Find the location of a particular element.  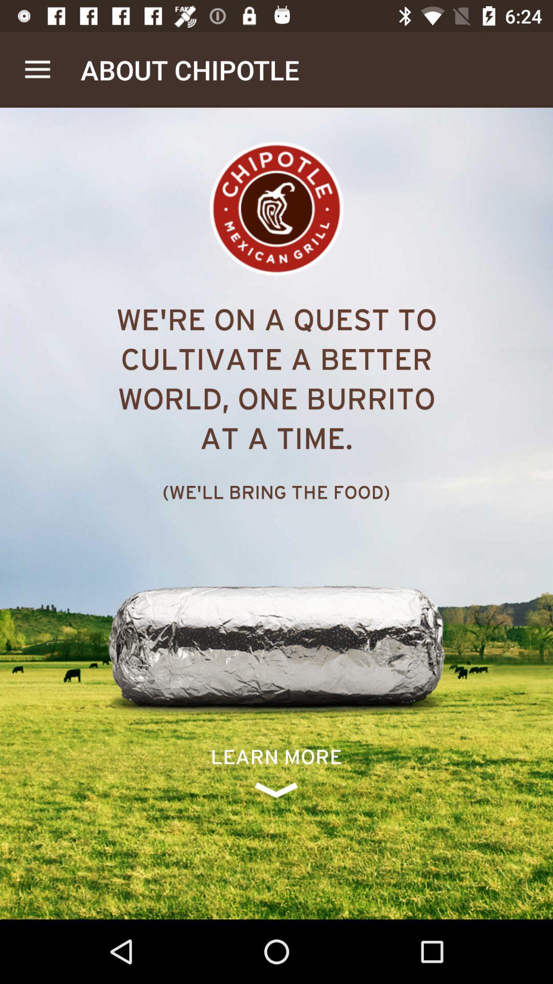

the app to the left of about chipotle item is located at coordinates (37, 69).